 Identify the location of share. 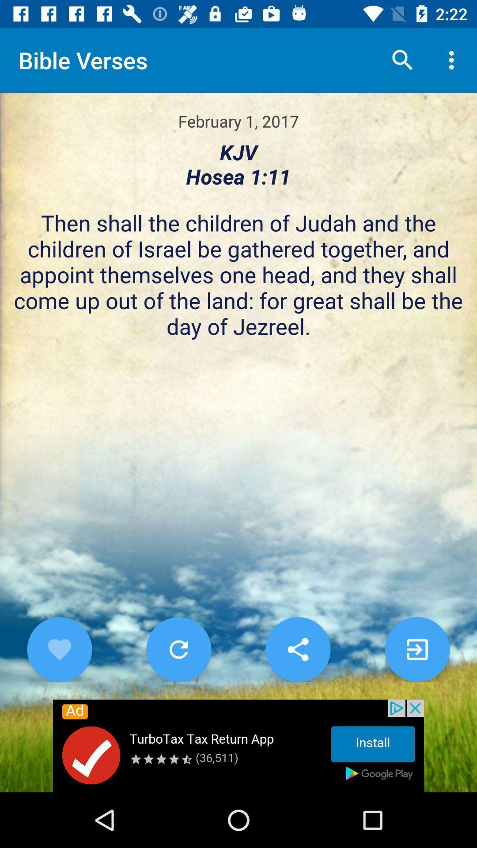
(298, 649).